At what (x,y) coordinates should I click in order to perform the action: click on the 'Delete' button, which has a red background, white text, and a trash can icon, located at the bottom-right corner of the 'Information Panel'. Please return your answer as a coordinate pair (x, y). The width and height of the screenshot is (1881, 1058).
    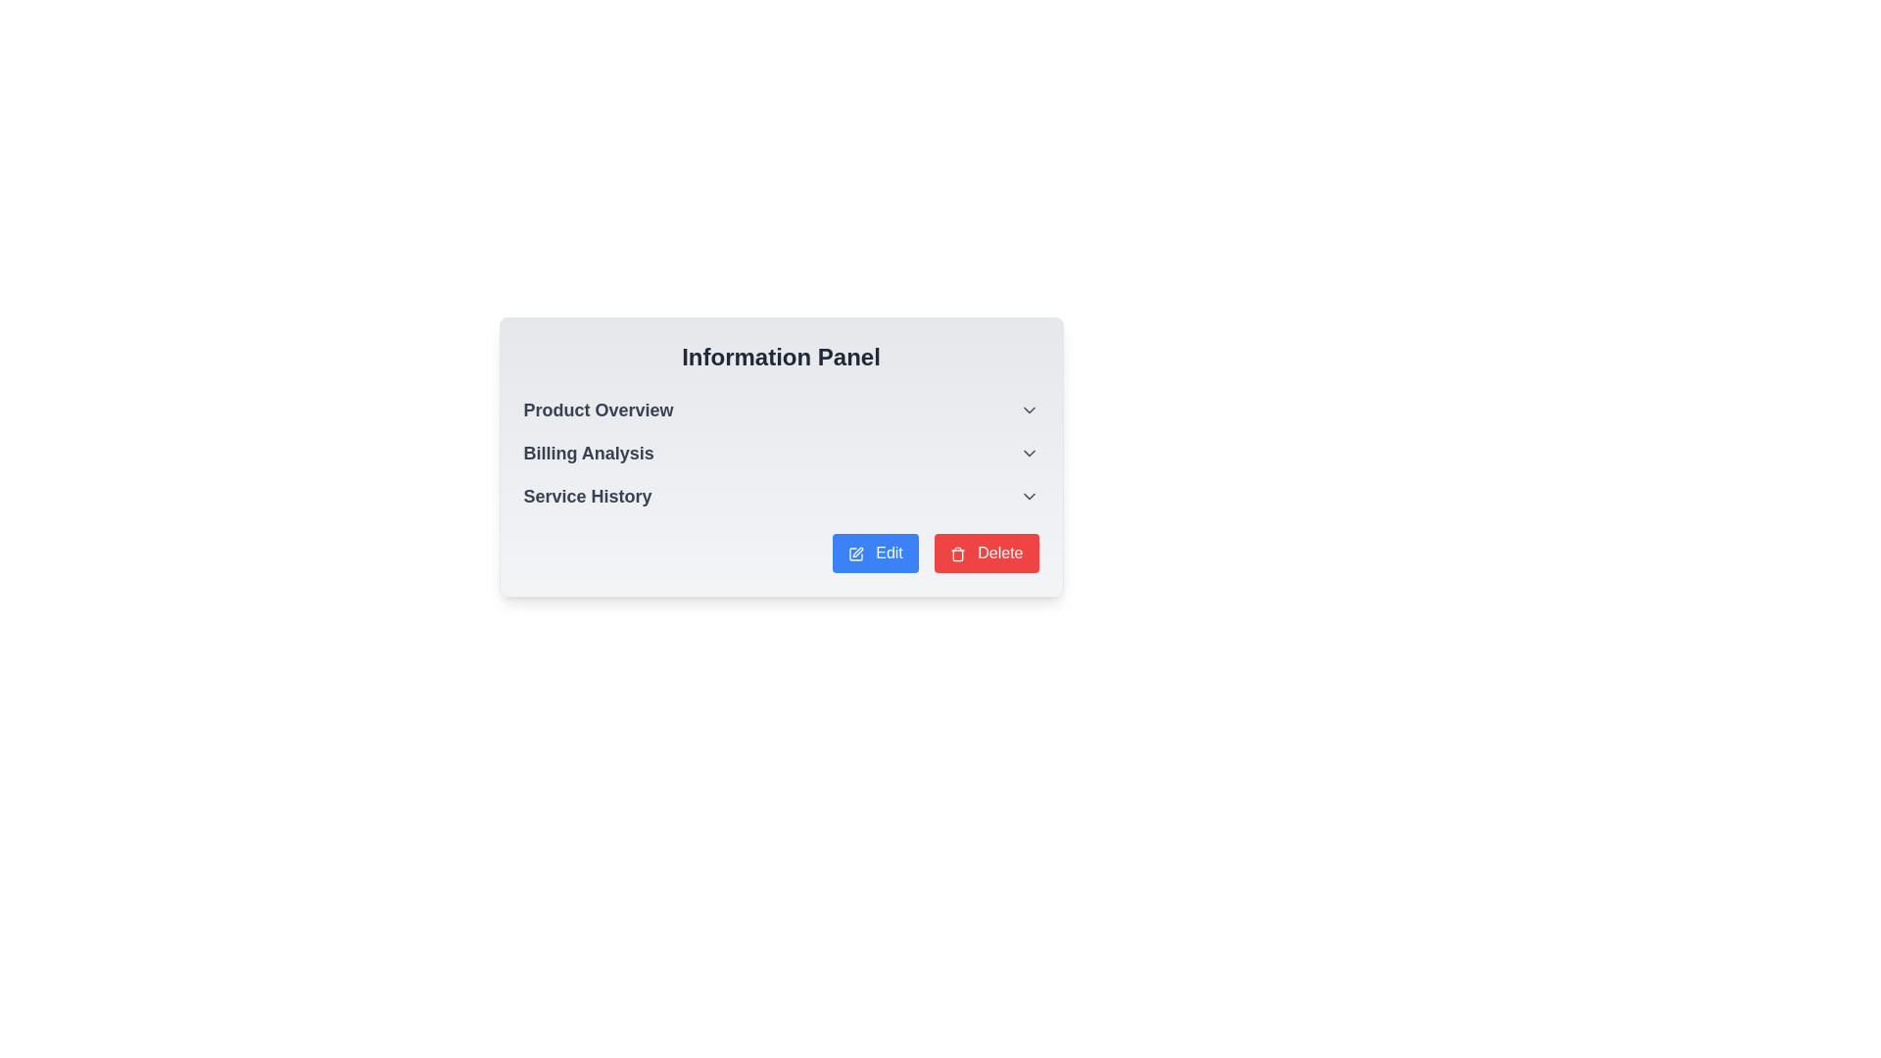
    Looking at the image, I should click on (987, 553).